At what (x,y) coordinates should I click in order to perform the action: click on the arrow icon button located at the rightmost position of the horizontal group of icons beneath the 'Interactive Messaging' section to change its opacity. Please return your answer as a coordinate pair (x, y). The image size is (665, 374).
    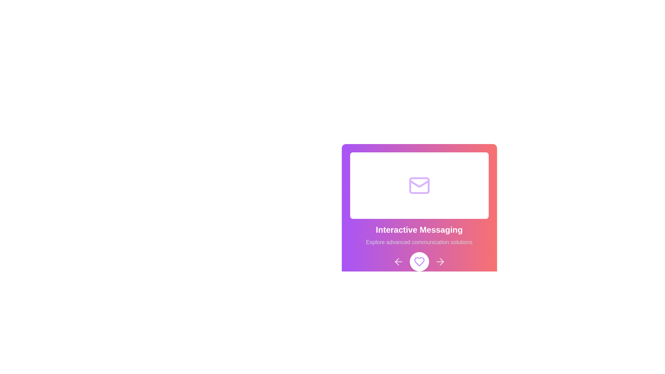
    Looking at the image, I should click on (440, 262).